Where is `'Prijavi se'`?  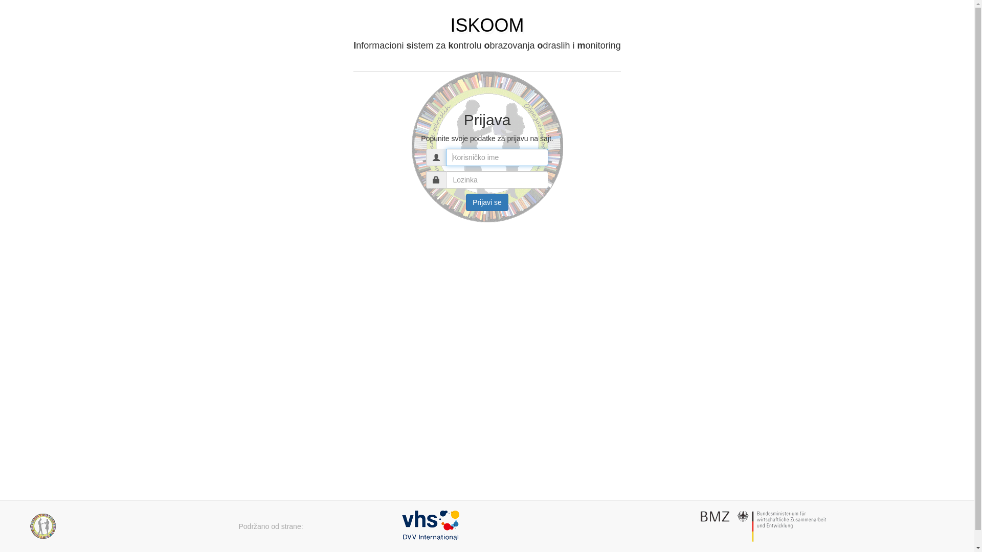 'Prijavi se' is located at coordinates (486, 202).